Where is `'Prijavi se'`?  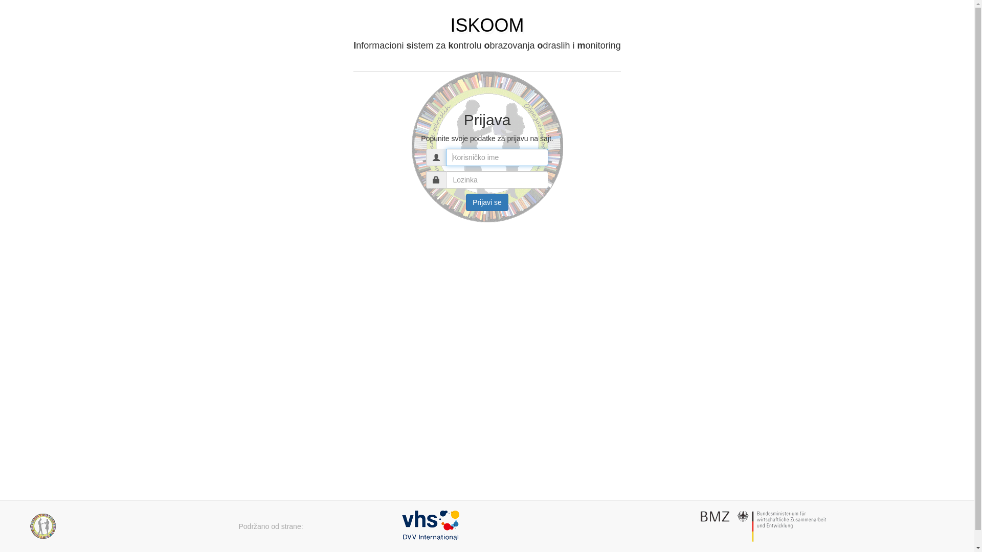 'Prijavi se' is located at coordinates (486, 202).